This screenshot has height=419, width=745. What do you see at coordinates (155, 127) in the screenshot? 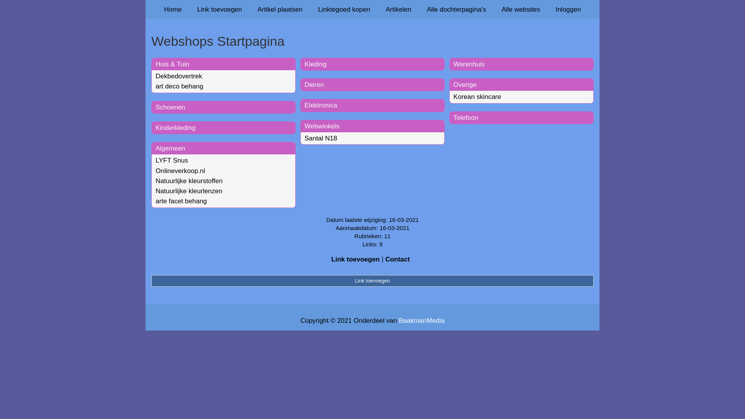
I see `'Kinderkleding'` at bounding box center [155, 127].